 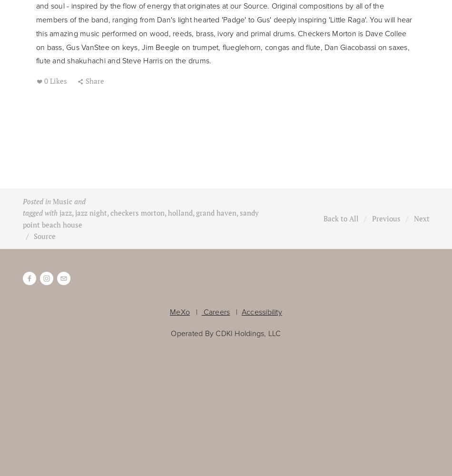 I want to click on 'Source', so click(x=44, y=235).